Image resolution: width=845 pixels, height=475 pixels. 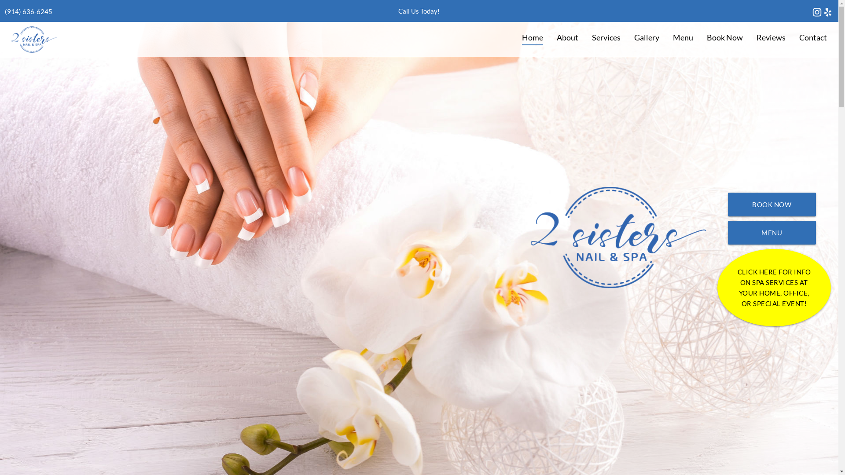 What do you see at coordinates (812, 37) in the screenshot?
I see `'Contact'` at bounding box center [812, 37].